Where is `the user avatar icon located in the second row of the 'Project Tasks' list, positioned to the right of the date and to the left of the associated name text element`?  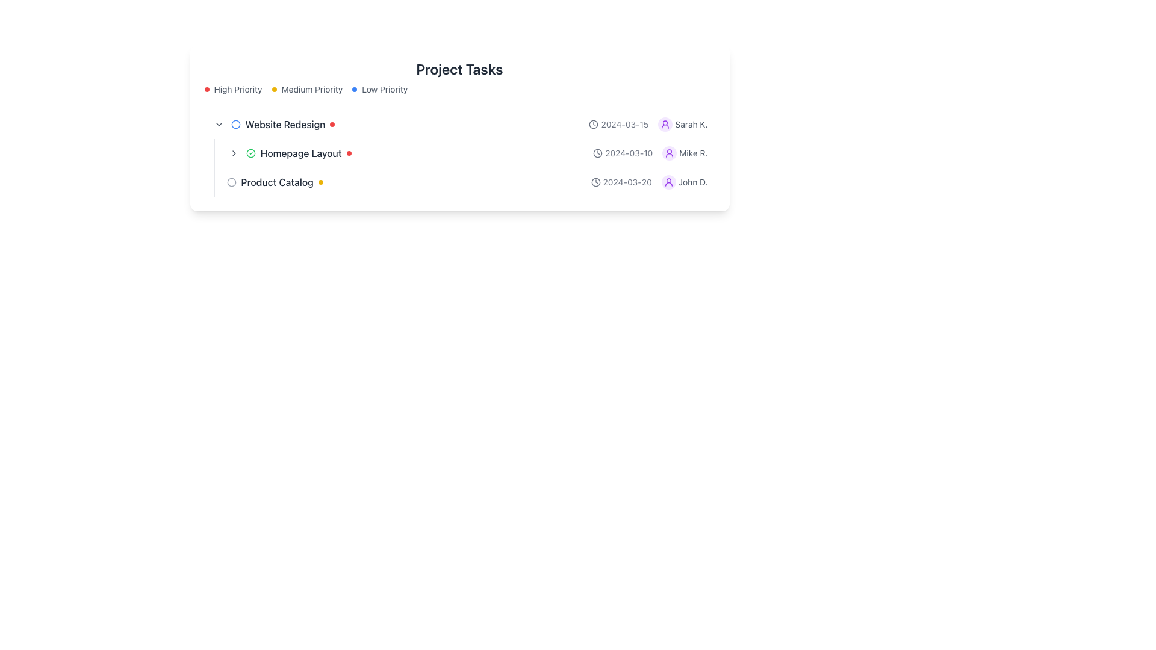 the user avatar icon located in the second row of the 'Project Tasks' list, positioned to the right of the date and to the left of the associated name text element is located at coordinates (669, 152).